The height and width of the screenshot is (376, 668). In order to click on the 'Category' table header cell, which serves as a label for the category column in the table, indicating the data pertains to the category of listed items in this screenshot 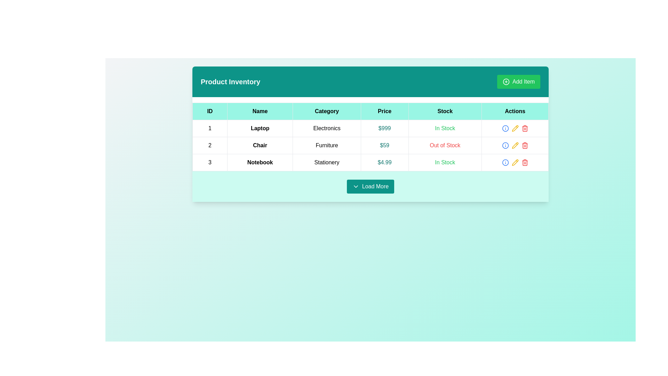, I will do `click(326, 111)`.